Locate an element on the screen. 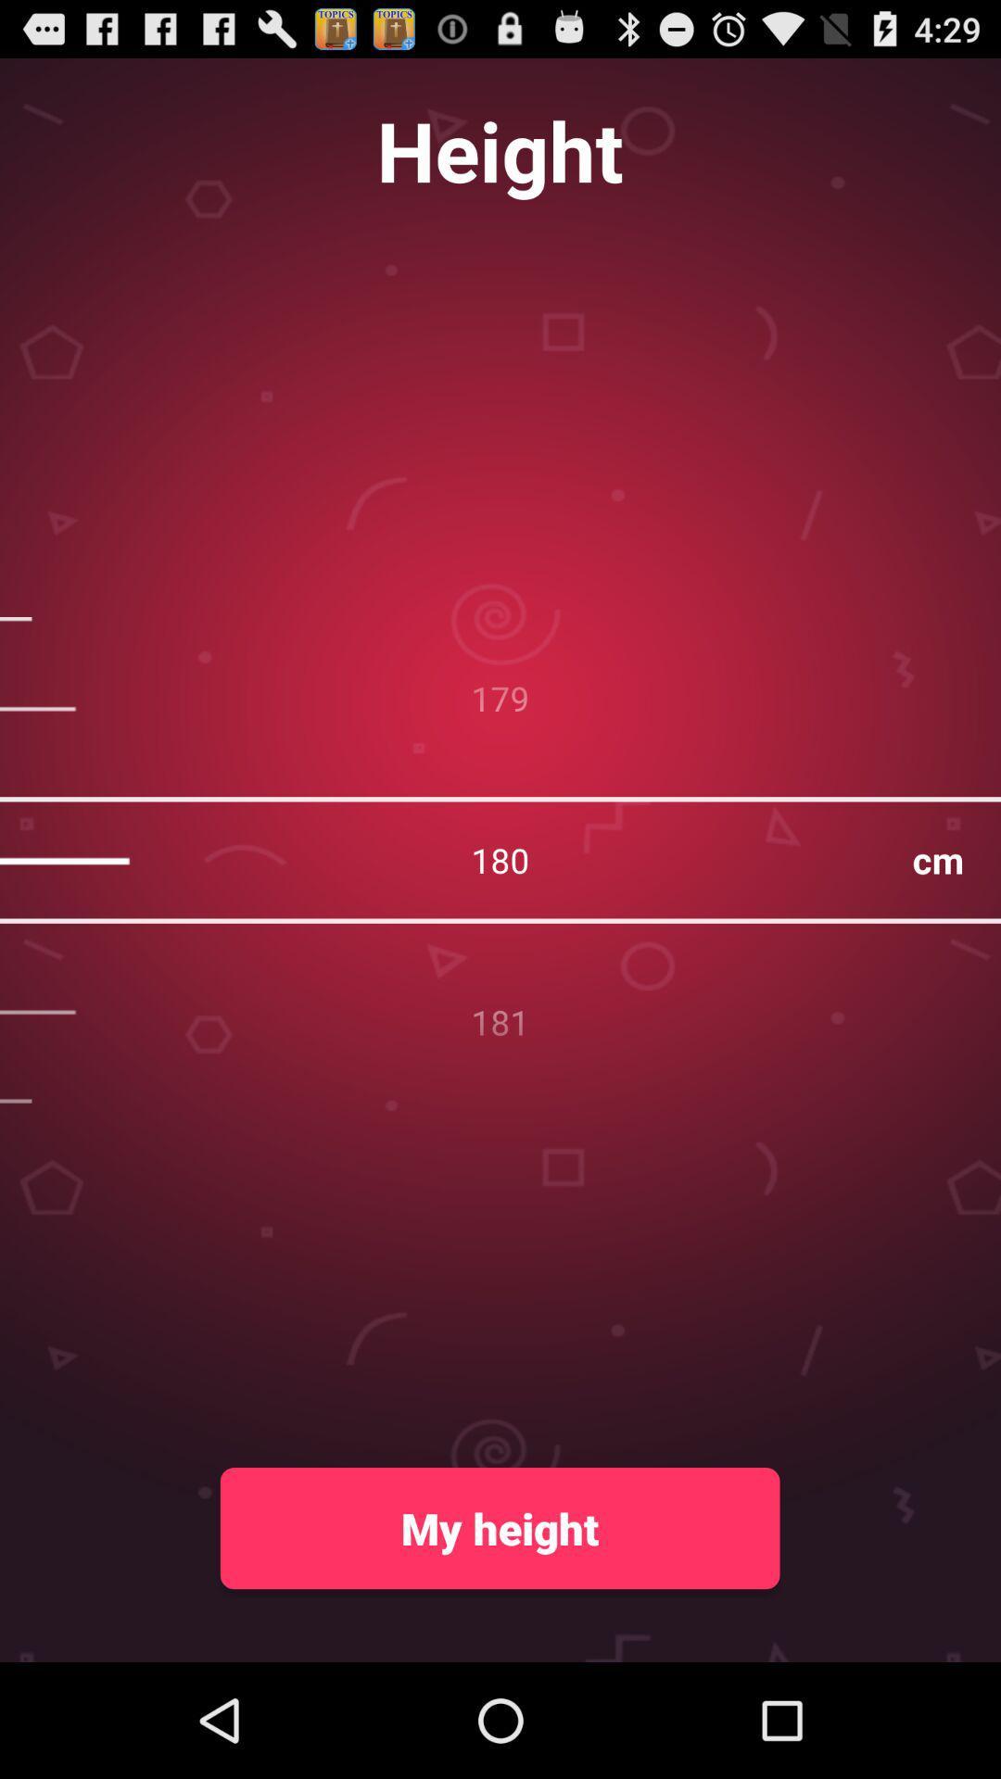 The image size is (1001, 1779). the button above the my height is located at coordinates (500, 859).